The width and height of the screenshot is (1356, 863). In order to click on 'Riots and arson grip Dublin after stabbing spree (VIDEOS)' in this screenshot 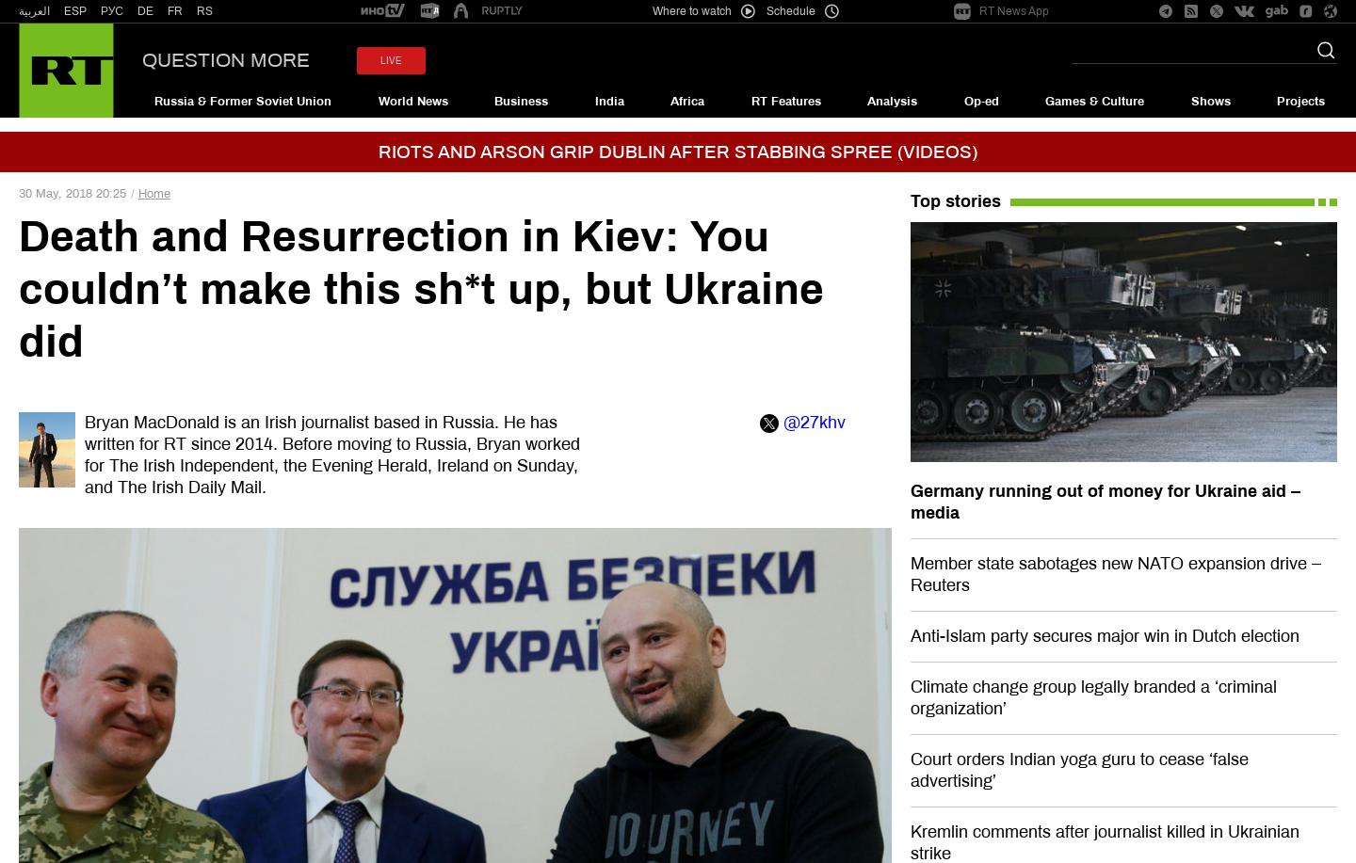, I will do `click(678, 151)`.